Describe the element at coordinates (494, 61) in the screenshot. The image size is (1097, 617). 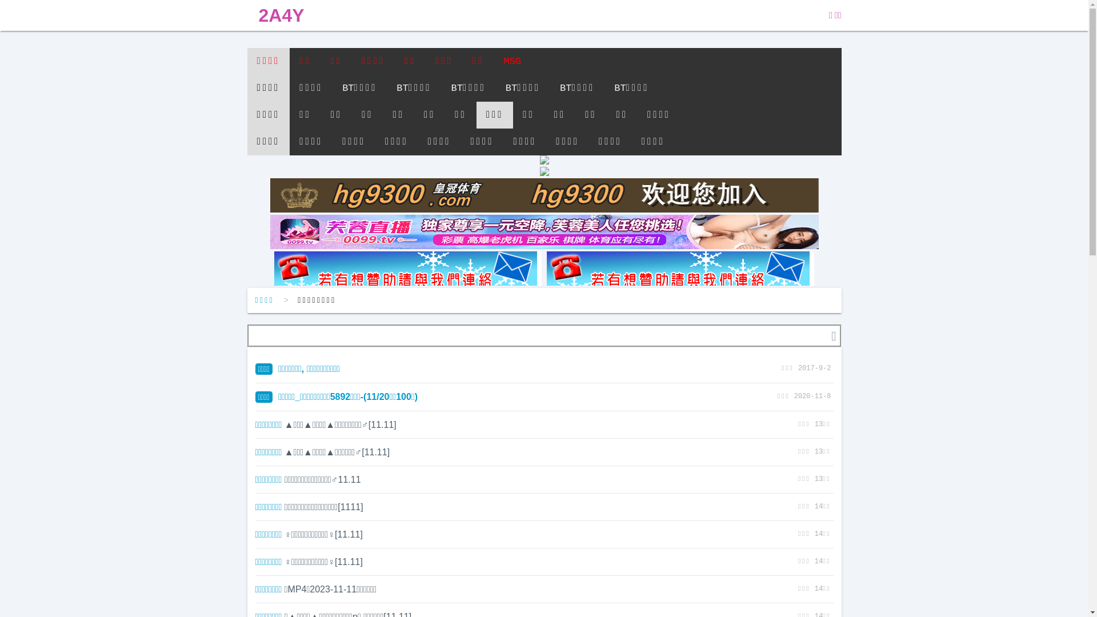
I see `'MSG'` at that location.